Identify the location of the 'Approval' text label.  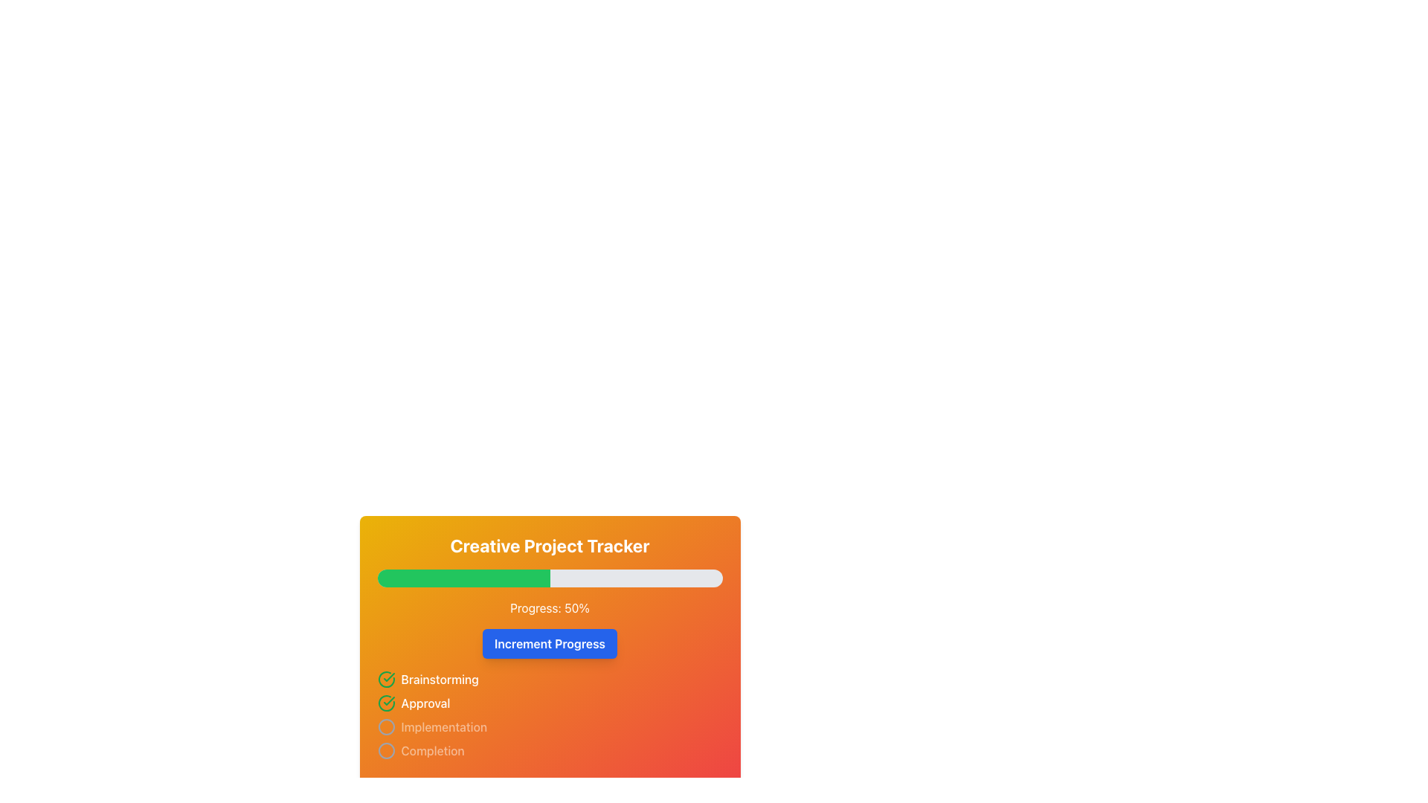
(425, 703).